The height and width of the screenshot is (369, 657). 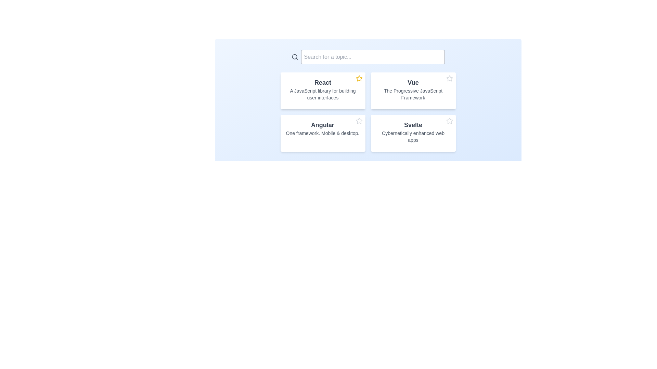 What do you see at coordinates (449, 78) in the screenshot?
I see `the star icon located at the top-right corner of the card labeled 'Vue - The Progressive JavaScript Framework' to favorite or rate the item` at bounding box center [449, 78].